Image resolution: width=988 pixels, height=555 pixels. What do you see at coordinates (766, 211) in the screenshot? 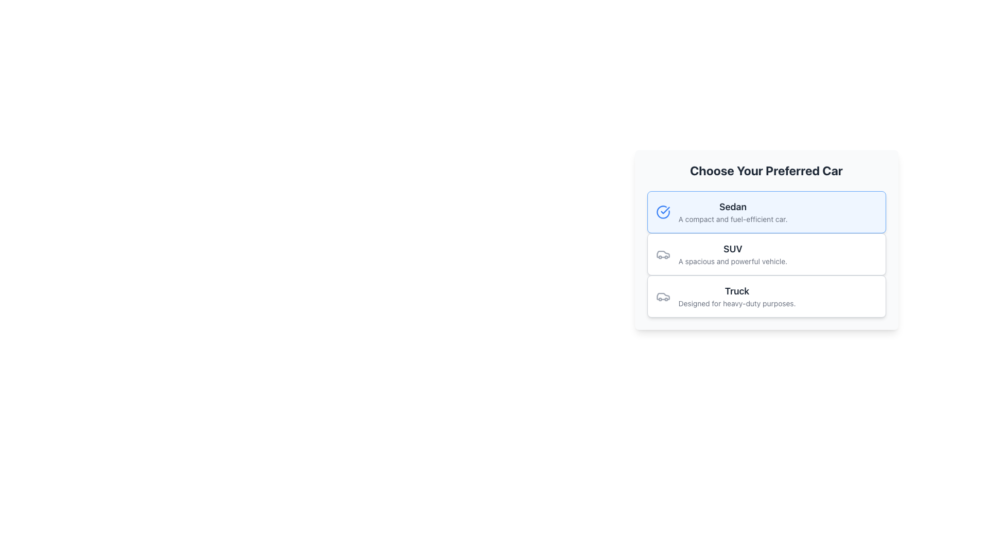
I see `the first interactive card representing the 'Sedan' car option in the list of car selections` at bounding box center [766, 211].